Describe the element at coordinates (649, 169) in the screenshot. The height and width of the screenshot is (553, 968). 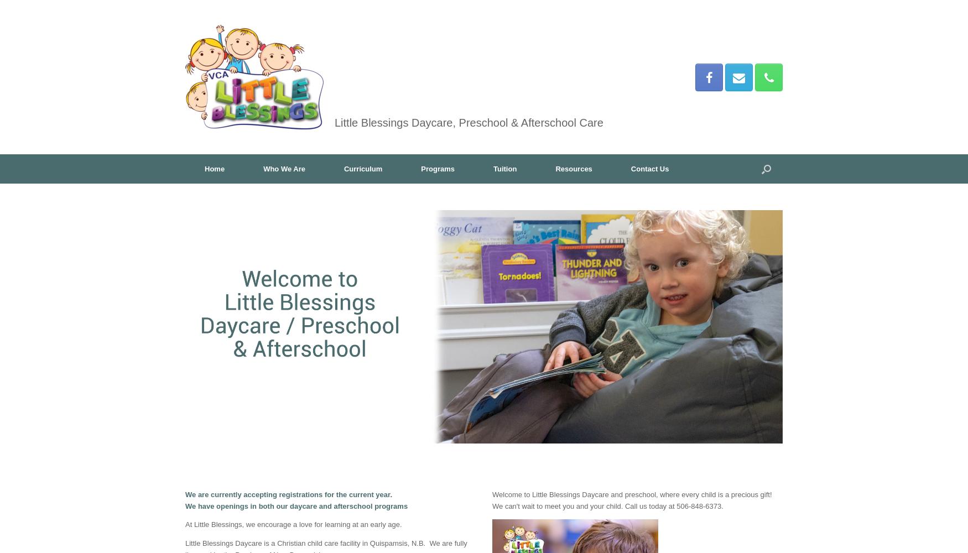
I see `'Contact Us'` at that location.